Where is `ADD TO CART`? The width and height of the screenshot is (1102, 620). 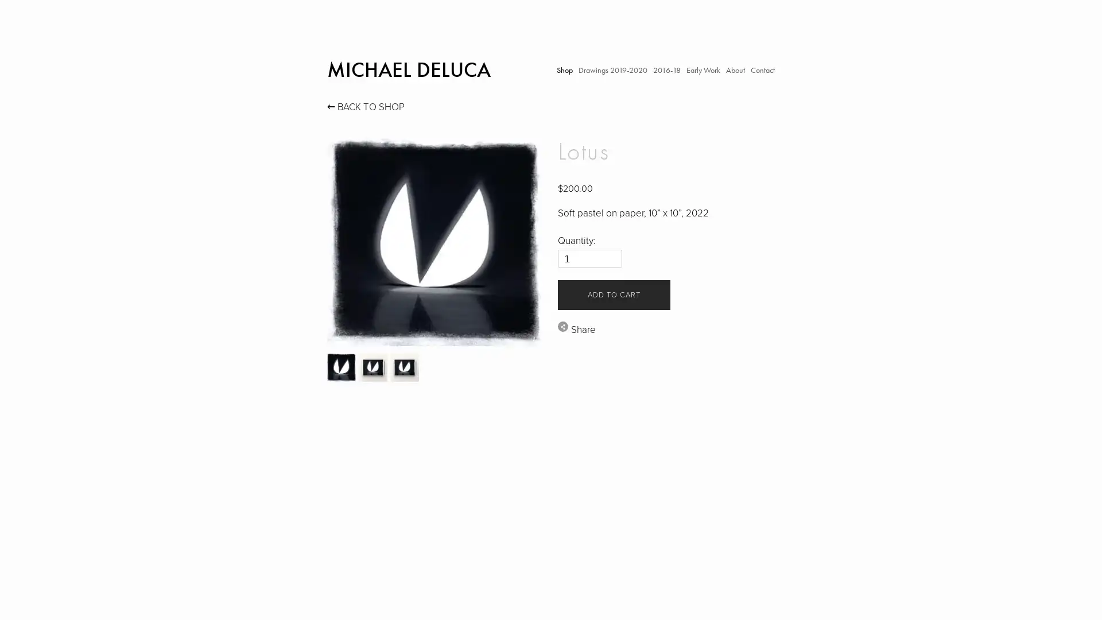 ADD TO CART is located at coordinates (613, 294).